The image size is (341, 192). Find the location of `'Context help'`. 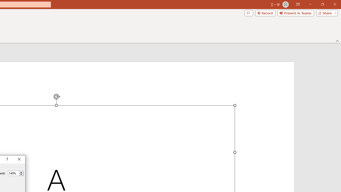

'Context help' is located at coordinates (7, 159).